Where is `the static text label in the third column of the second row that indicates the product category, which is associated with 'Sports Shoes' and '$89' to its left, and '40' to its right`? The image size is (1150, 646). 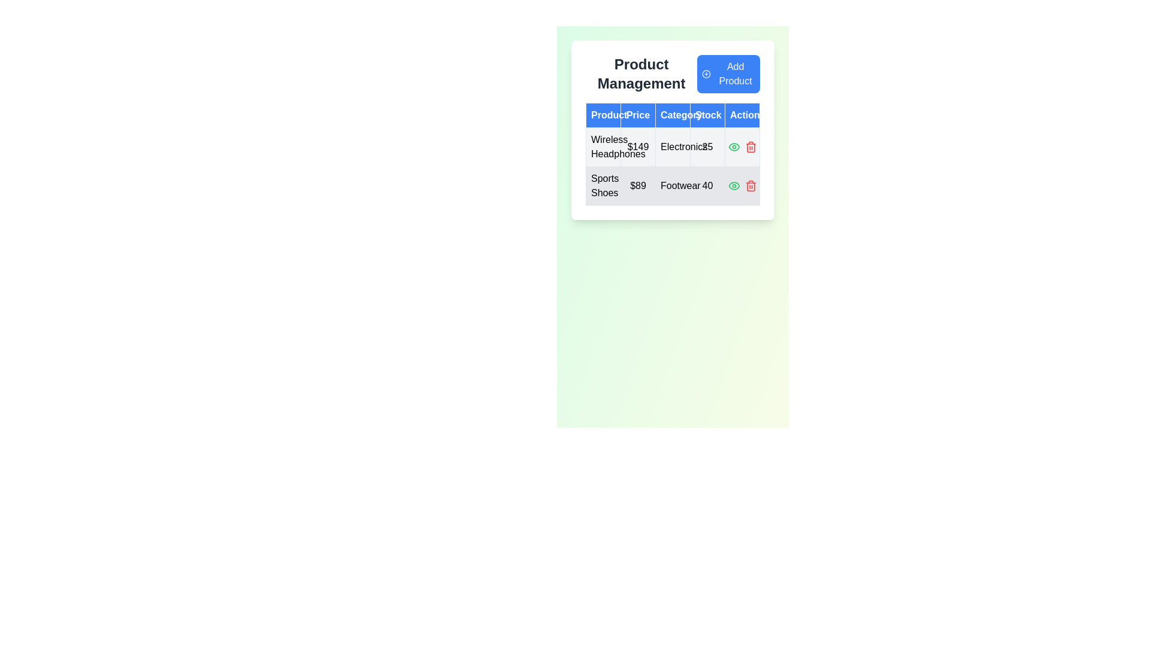 the static text label in the third column of the second row that indicates the product category, which is associated with 'Sports Shoes' and '$89' to its left, and '40' to its right is located at coordinates (673, 186).